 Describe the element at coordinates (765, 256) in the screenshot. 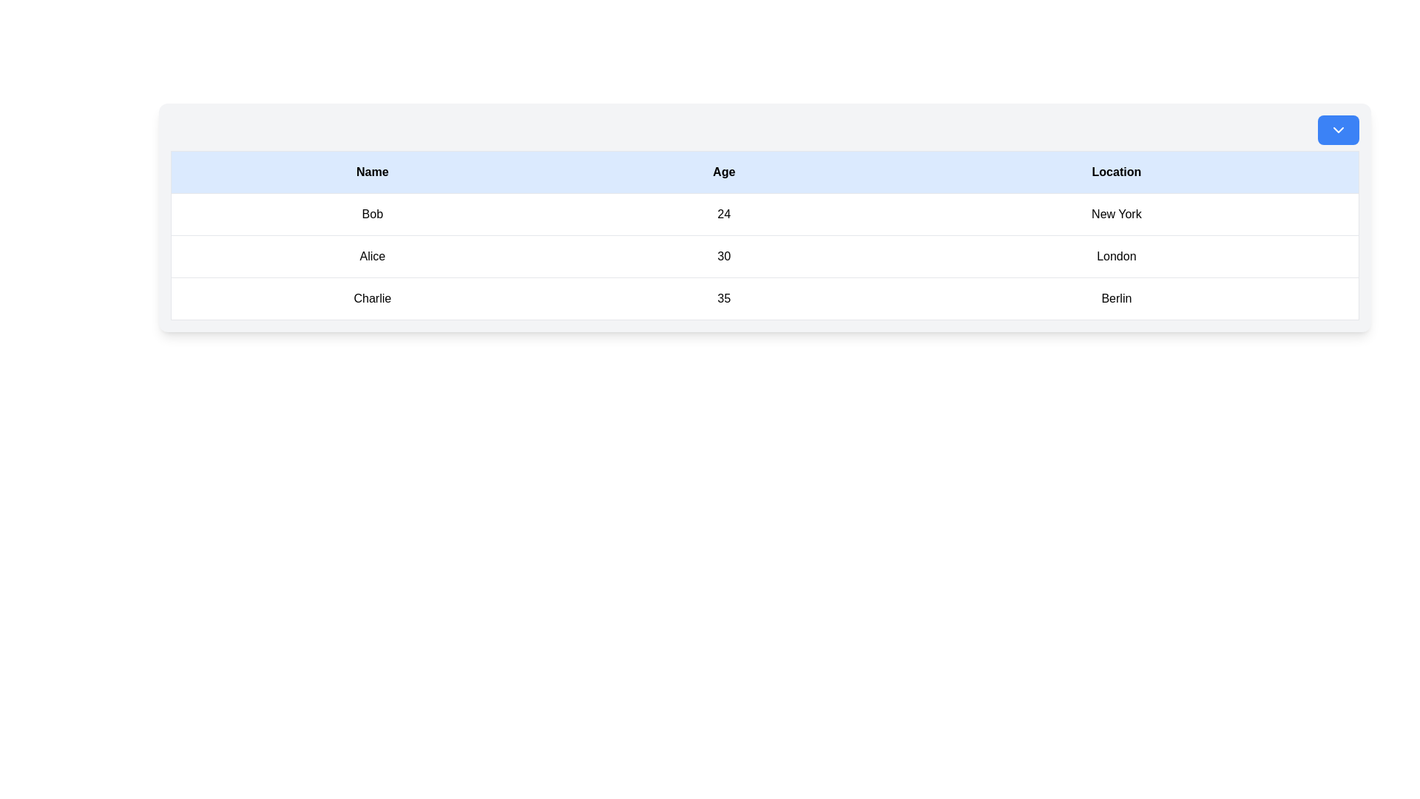

I see `the second row of the table displaying the record for 'Alice', which includes the name, age, and location, to trigger highlighting` at that location.